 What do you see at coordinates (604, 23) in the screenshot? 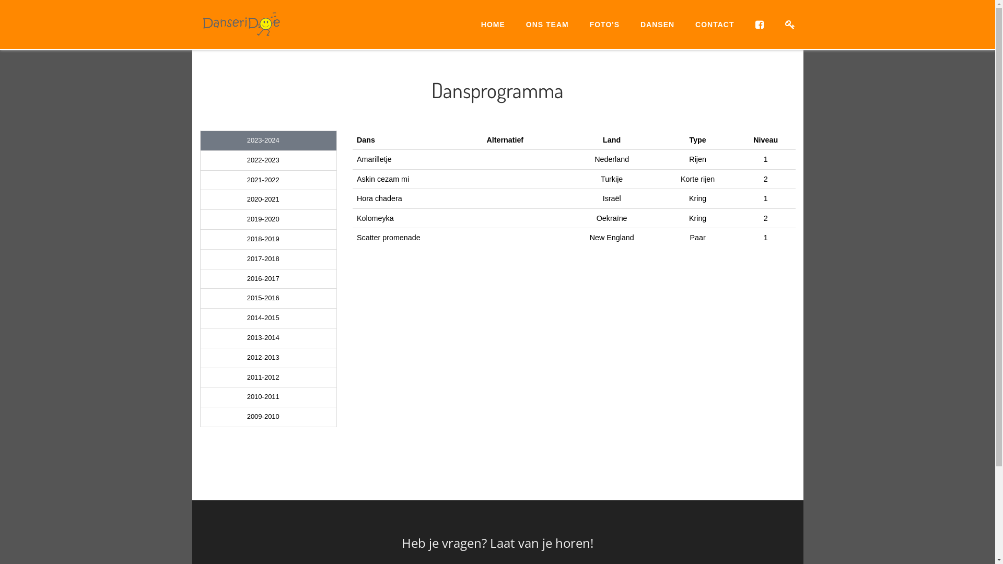
I see `'FOTO'S'` at bounding box center [604, 23].